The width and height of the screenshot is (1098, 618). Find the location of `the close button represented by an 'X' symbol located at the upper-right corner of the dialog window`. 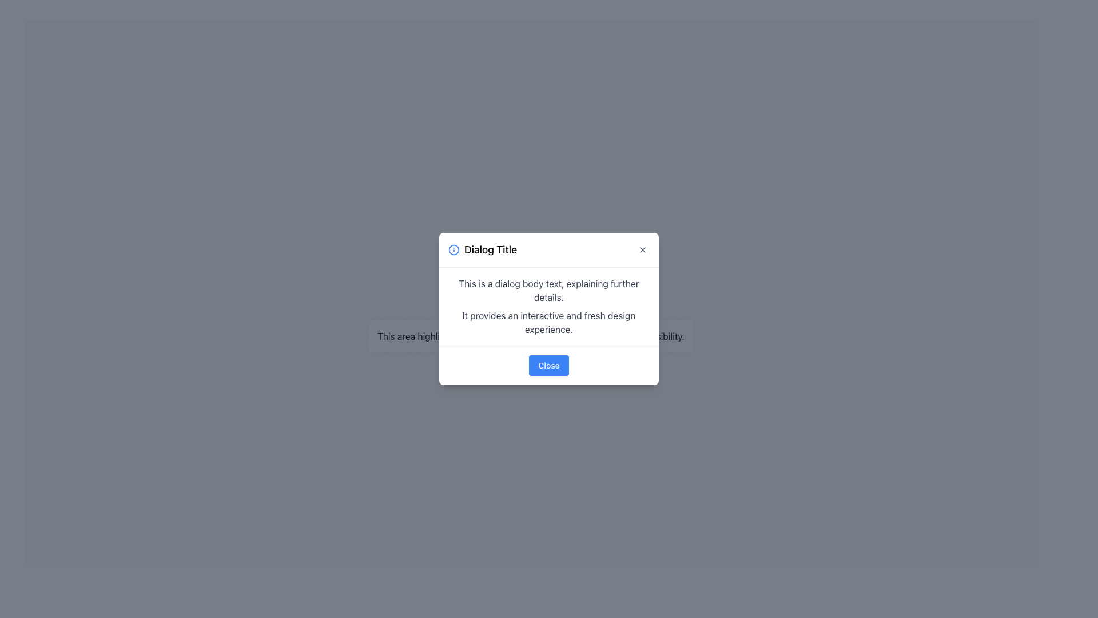

the close button represented by an 'X' symbol located at the upper-right corner of the dialog window is located at coordinates (642, 249).